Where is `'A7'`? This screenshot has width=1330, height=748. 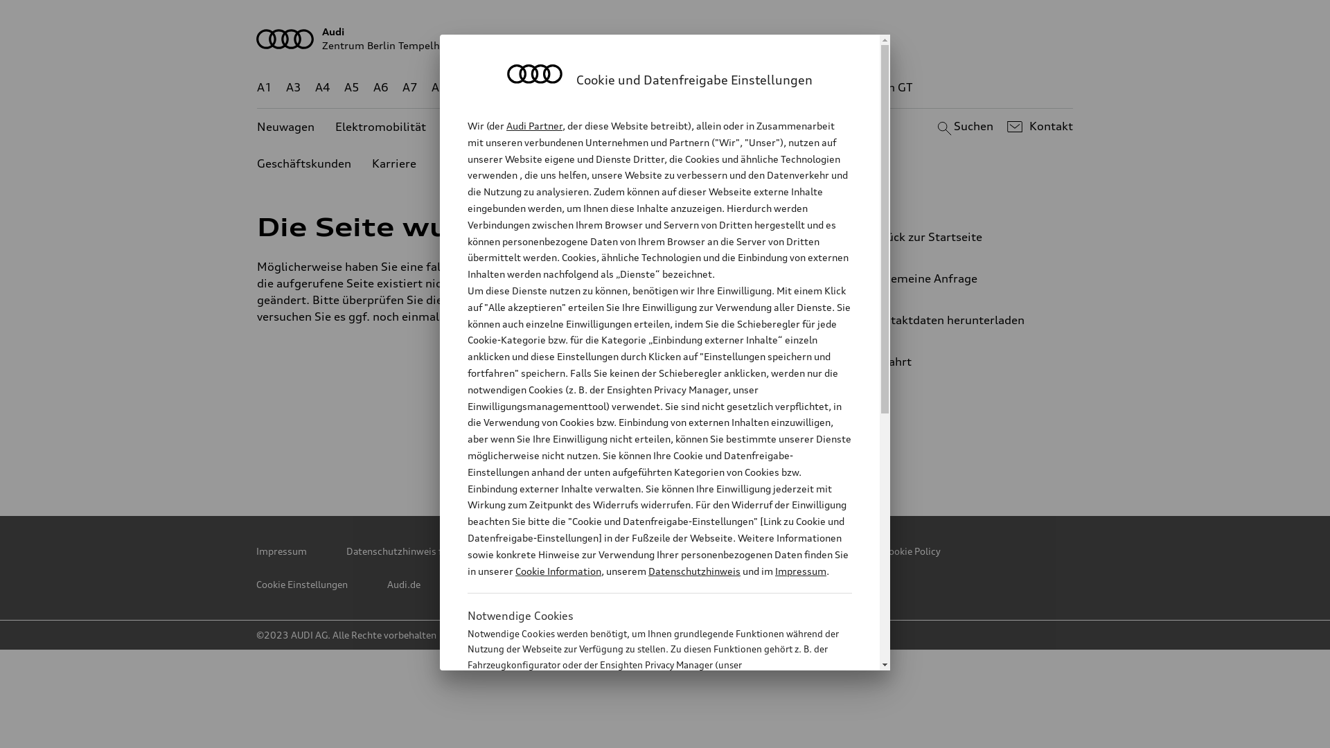 'A7' is located at coordinates (409, 87).